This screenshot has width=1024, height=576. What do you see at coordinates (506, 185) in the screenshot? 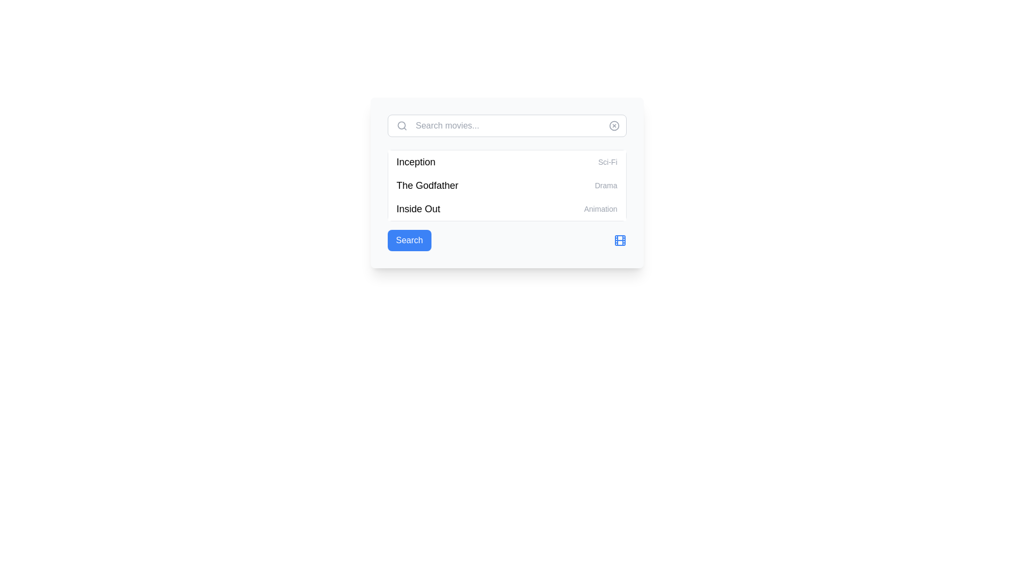
I see `the second list item in the movie entries, which displays 'The Godfather' in bold and 'Drama' in a smaller gray font` at bounding box center [506, 185].